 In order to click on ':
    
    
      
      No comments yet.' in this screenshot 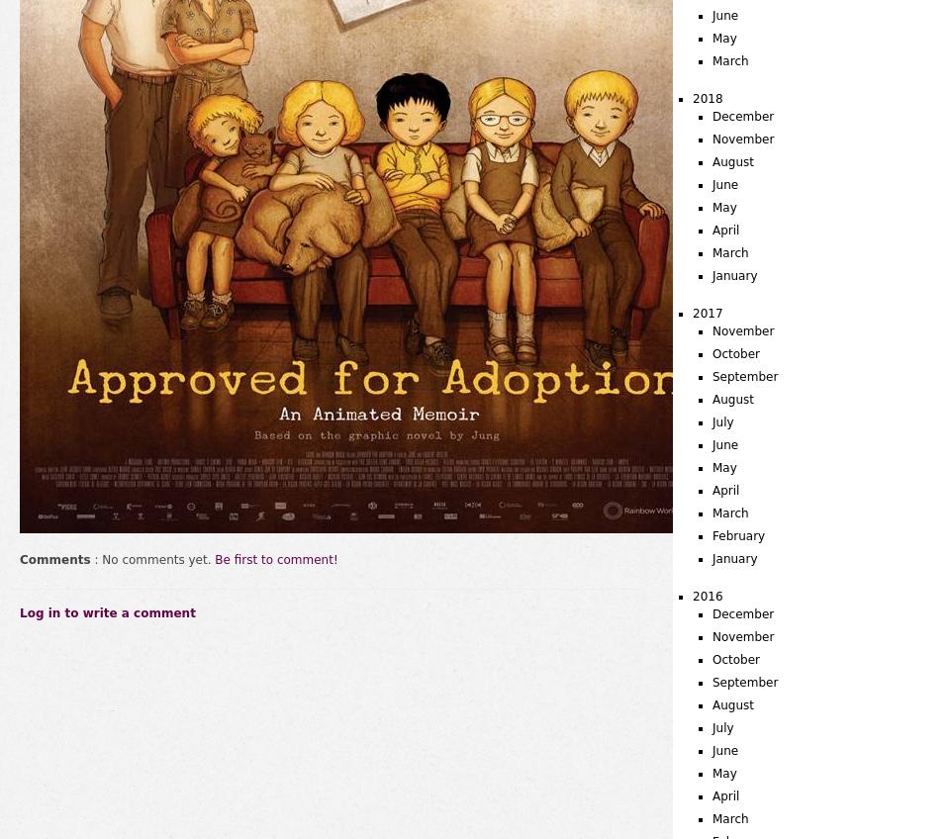, I will do `click(150, 559)`.